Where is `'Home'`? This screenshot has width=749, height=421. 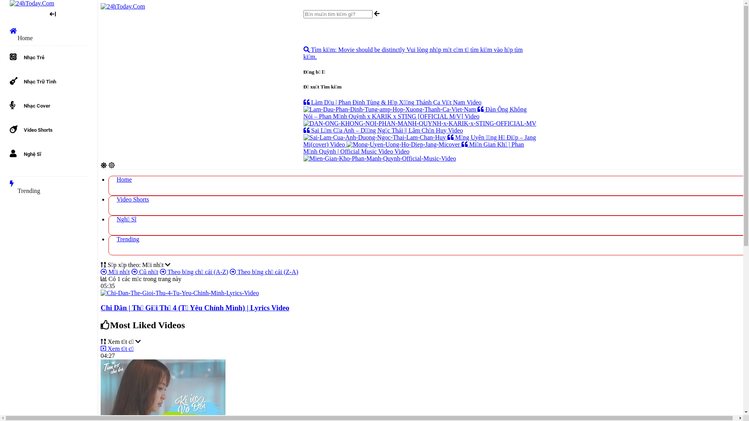
'Home' is located at coordinates (124, 179).